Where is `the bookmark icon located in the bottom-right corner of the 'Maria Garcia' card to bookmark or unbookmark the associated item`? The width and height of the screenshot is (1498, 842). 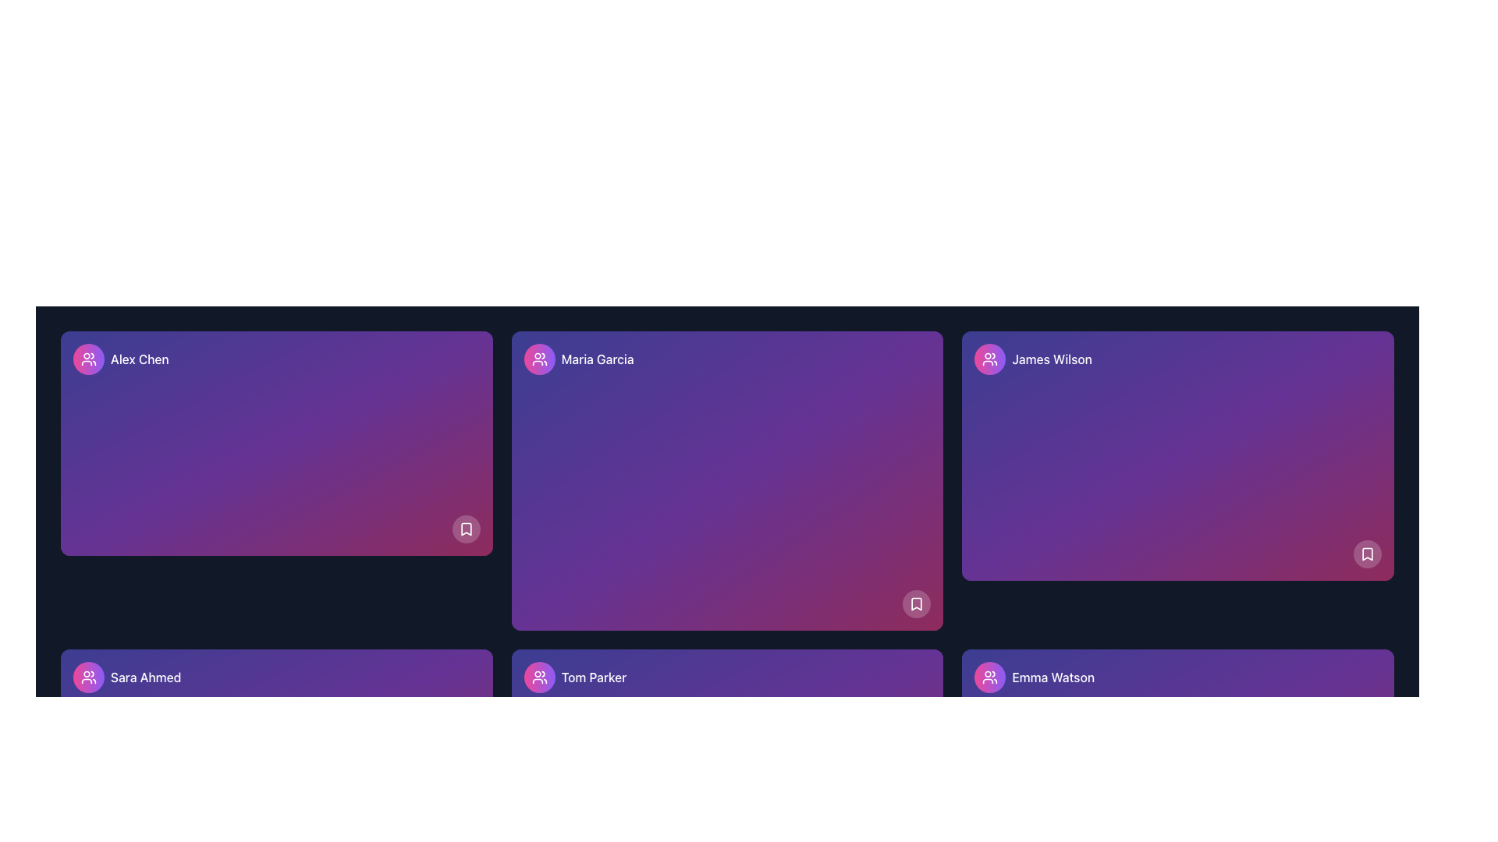
the bookmark icon located in the bottom-right corner of the 'Maria Garcia' card to bookmark or unbookmark the associated item is located at coordinates (917, 603).